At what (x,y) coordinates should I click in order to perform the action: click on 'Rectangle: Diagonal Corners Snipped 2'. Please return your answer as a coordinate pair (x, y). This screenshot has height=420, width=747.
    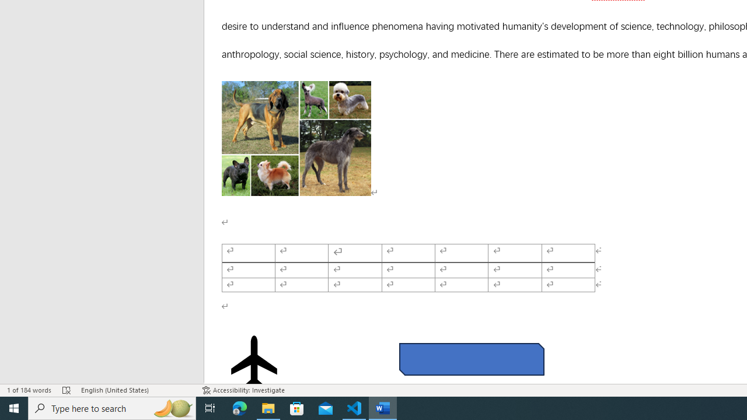
    Looking at the image, I should click on (472, 358).